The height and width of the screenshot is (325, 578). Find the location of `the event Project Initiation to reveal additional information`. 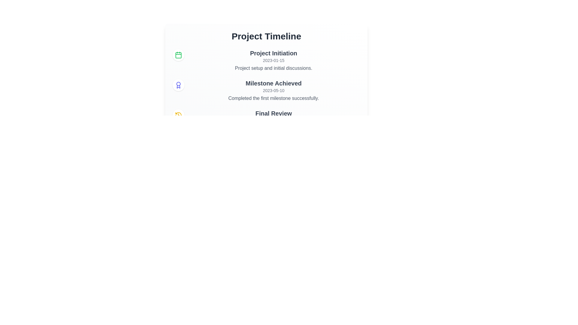

the event Project Initiation to reveal additional information is located at coordinates (178, 55).